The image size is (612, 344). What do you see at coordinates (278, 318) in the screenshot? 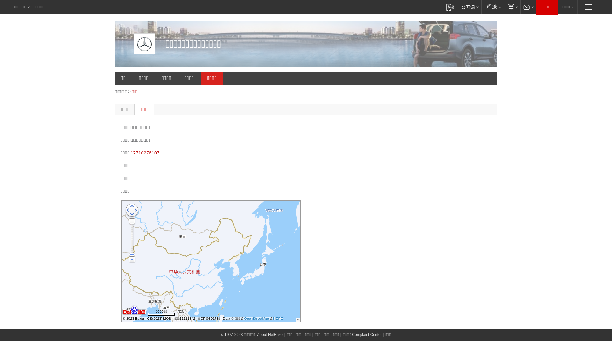
I see `'HERE'` at bounding box center [278, 318].